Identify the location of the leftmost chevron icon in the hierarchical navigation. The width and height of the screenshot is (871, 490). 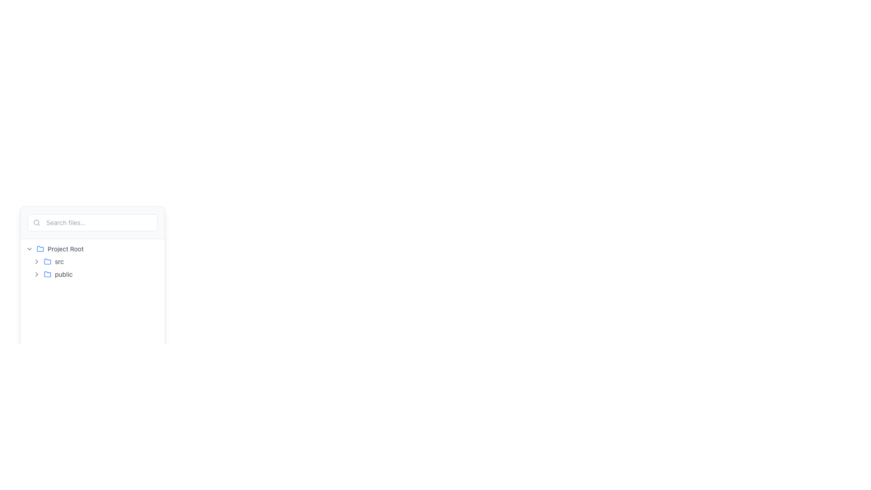
(36, 262).